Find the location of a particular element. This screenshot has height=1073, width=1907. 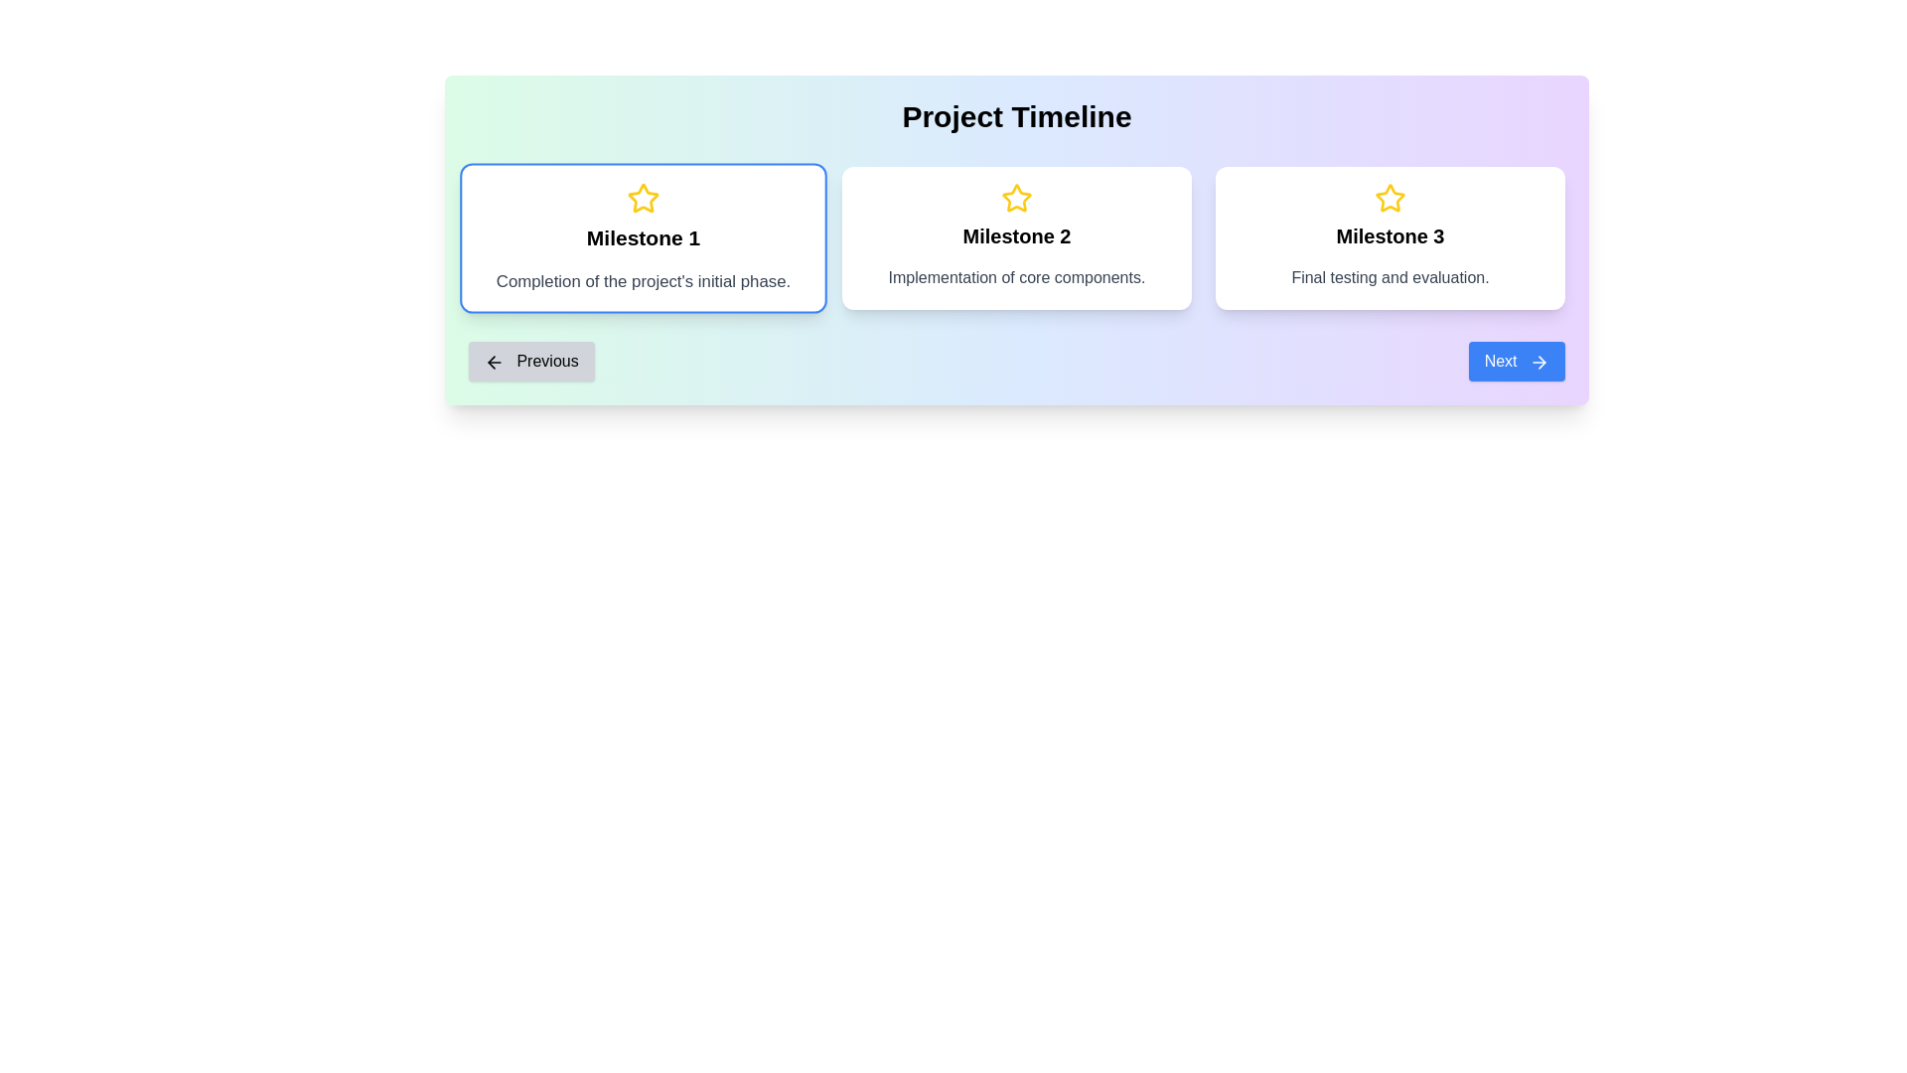

the yellow star icon located above the text 'Milestone 2' in the central card of the three-card layout for accessibility interactions is located at coordinates (1016, 198).